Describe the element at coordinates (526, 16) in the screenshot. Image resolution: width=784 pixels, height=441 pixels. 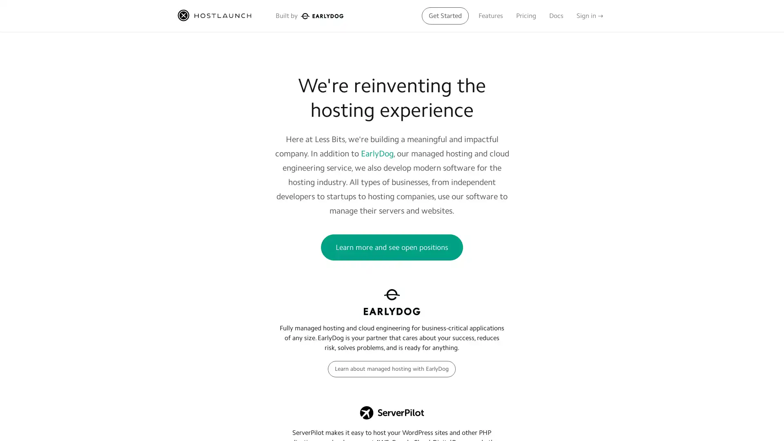
I see `Pricing` at that location.